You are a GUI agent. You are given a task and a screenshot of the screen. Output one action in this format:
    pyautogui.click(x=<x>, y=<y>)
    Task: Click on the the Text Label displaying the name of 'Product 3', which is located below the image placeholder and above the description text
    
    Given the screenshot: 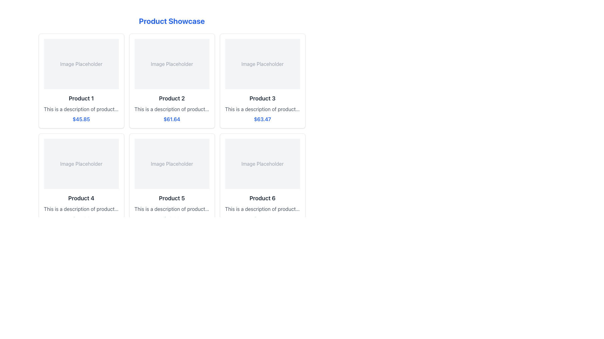 What is the action you would take?
    pyautogui.click(x=262, y=98)
    